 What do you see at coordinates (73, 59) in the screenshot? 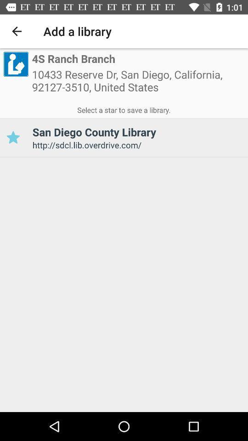
I see `item above the 10433 reserve dr` at bounding box center [73, 59].